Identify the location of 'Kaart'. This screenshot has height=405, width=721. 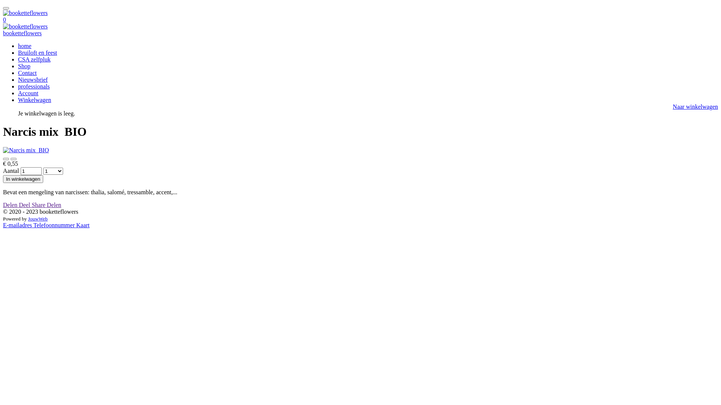
(83, 225).